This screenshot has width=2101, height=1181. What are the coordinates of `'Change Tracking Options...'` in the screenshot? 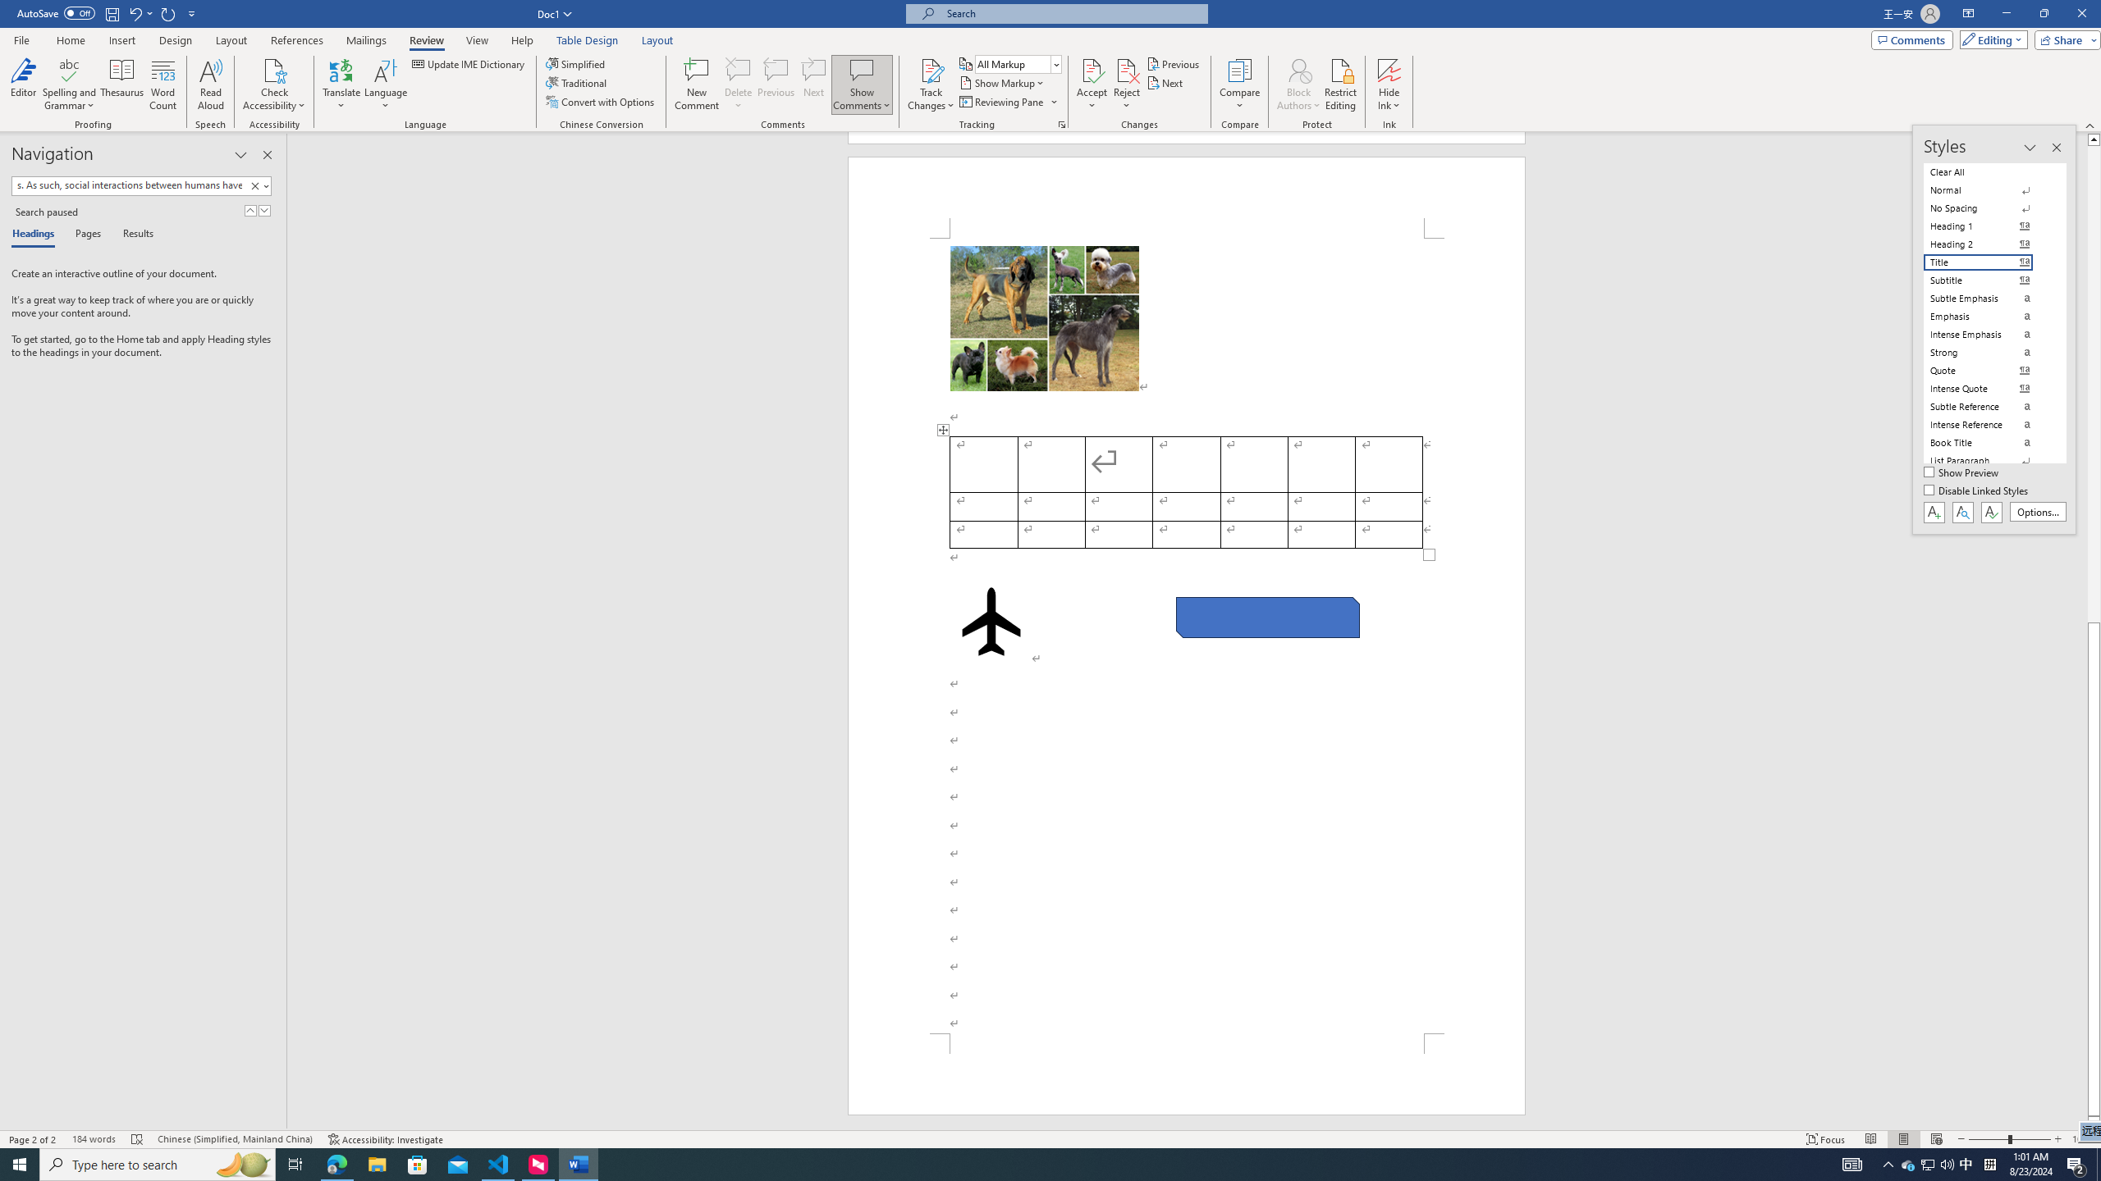 It's located at (1061, 123).